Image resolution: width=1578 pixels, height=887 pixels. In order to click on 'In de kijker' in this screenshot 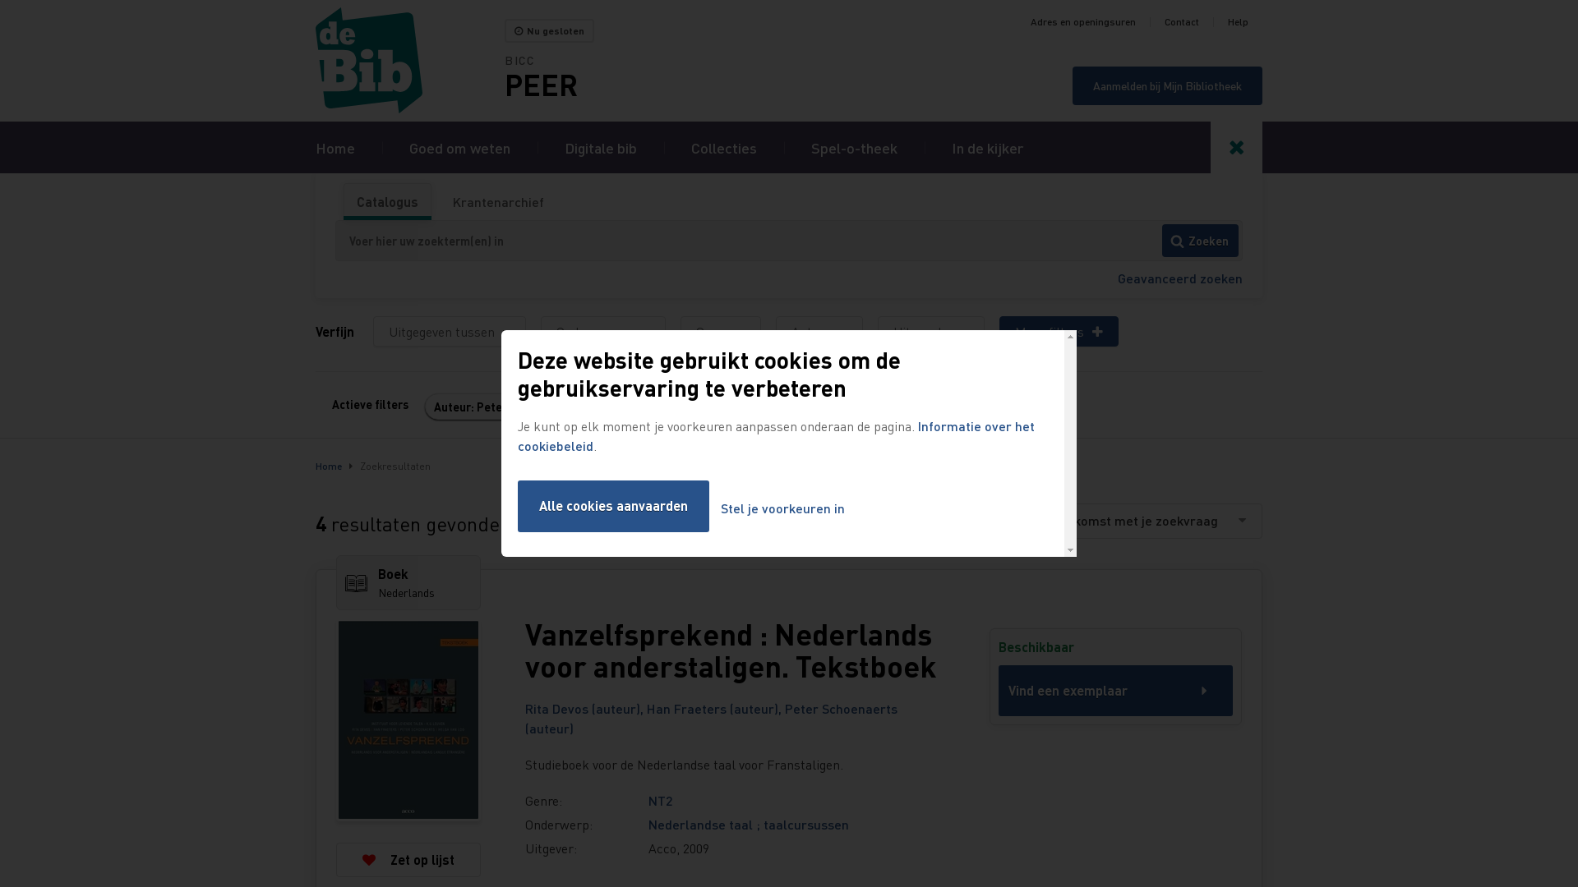, I will do `click(986, 146)`.